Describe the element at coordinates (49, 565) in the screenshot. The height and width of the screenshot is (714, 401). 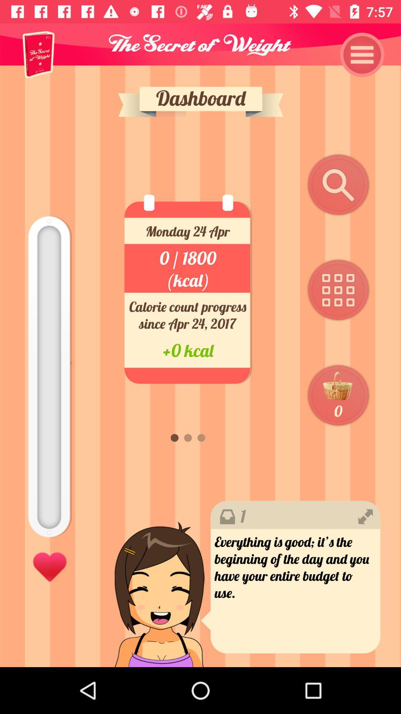
I see `the item at the bottom left corner` at that location.